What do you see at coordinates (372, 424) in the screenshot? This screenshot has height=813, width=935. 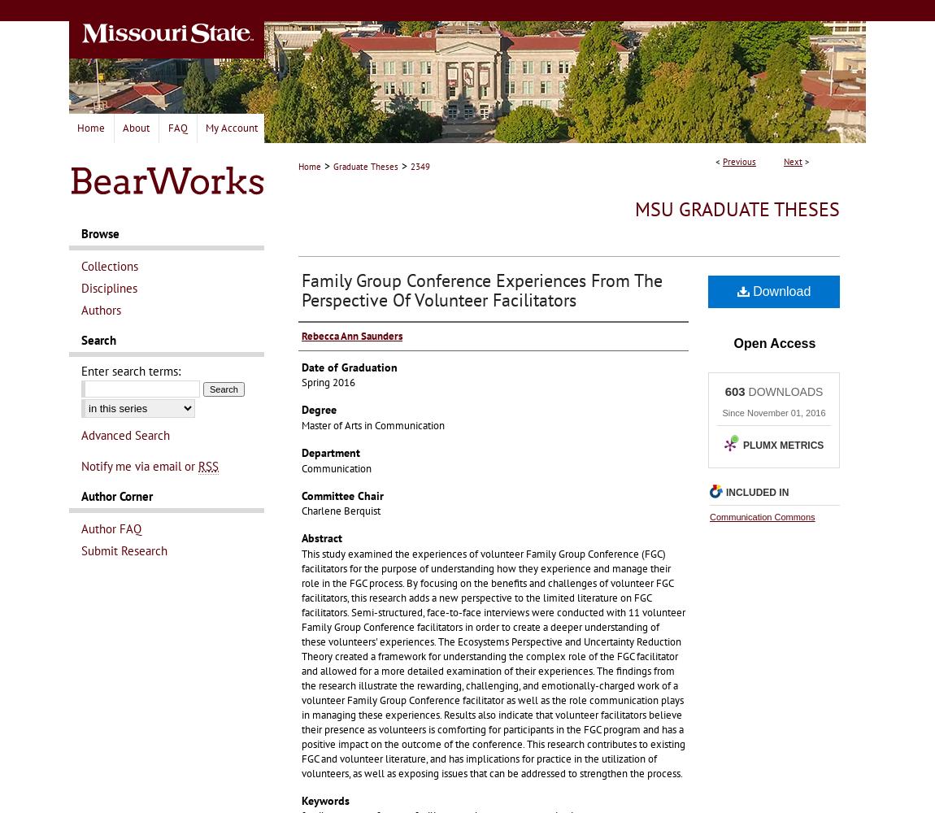 I see `'Master of Arts in Communication'` at bounding box center [372, 424].